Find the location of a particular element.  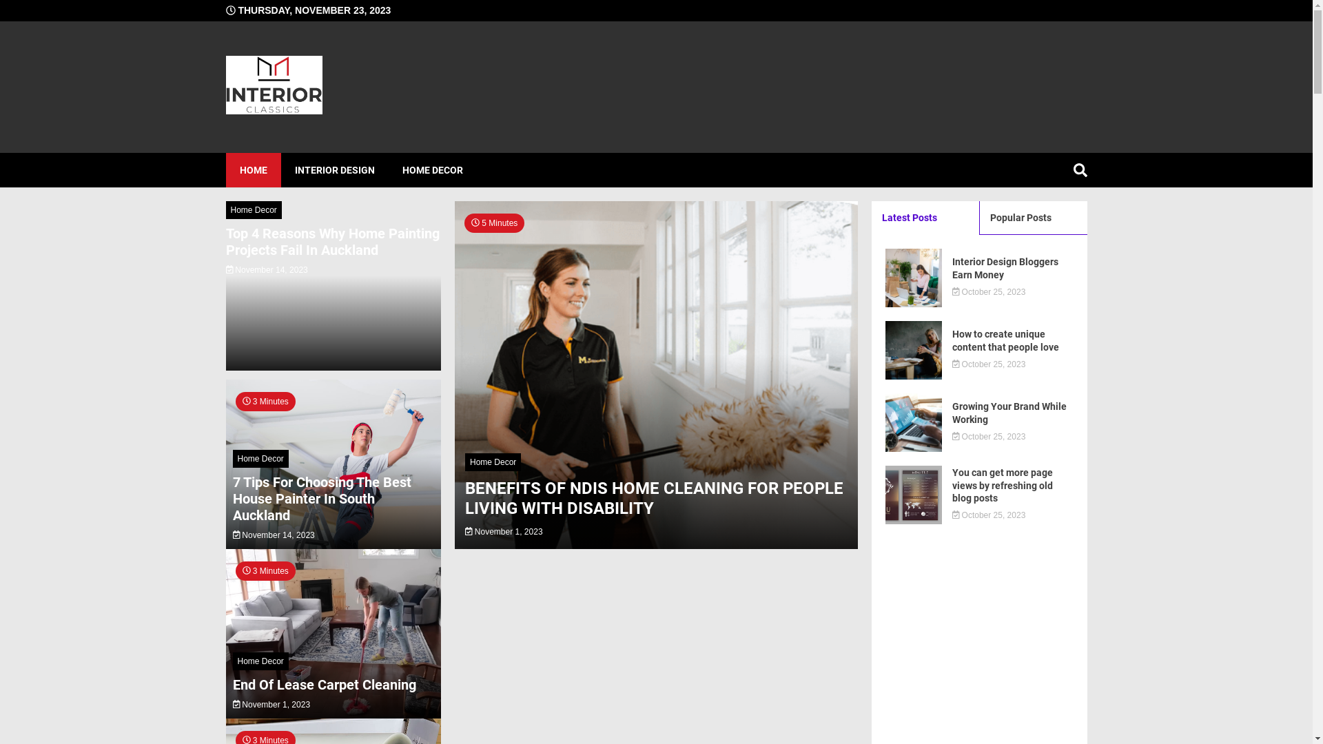

'Home Decor' is located at coordinates (254, 209).